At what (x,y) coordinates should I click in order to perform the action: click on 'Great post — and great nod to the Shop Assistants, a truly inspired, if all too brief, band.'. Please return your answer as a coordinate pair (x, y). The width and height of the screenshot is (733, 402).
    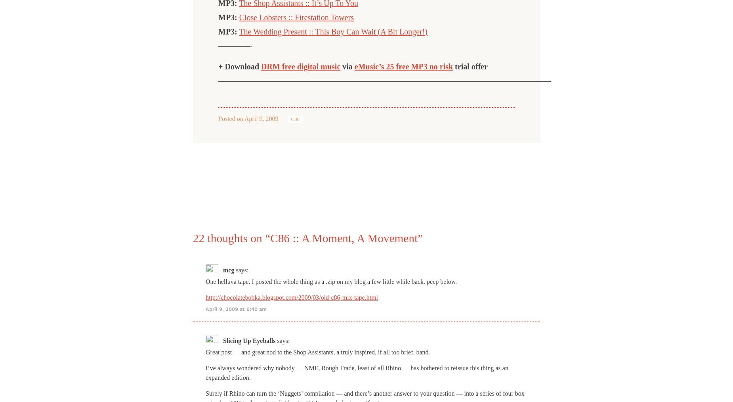
    Looking at the image, I should click on (317, 351).